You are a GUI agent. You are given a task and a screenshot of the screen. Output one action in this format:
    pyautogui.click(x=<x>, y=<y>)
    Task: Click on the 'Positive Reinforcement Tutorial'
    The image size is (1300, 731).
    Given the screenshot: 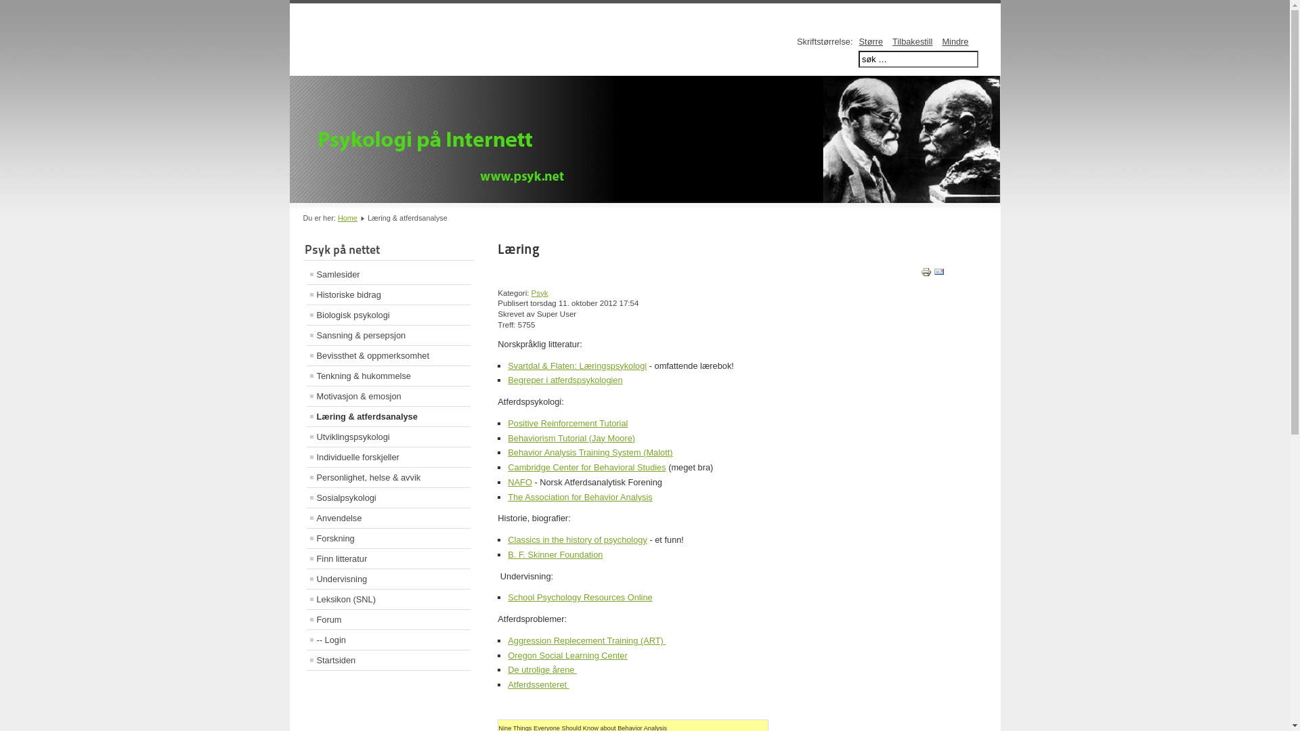 What is the action you would take?
    pyautogui.click(x=567, y=422)
    